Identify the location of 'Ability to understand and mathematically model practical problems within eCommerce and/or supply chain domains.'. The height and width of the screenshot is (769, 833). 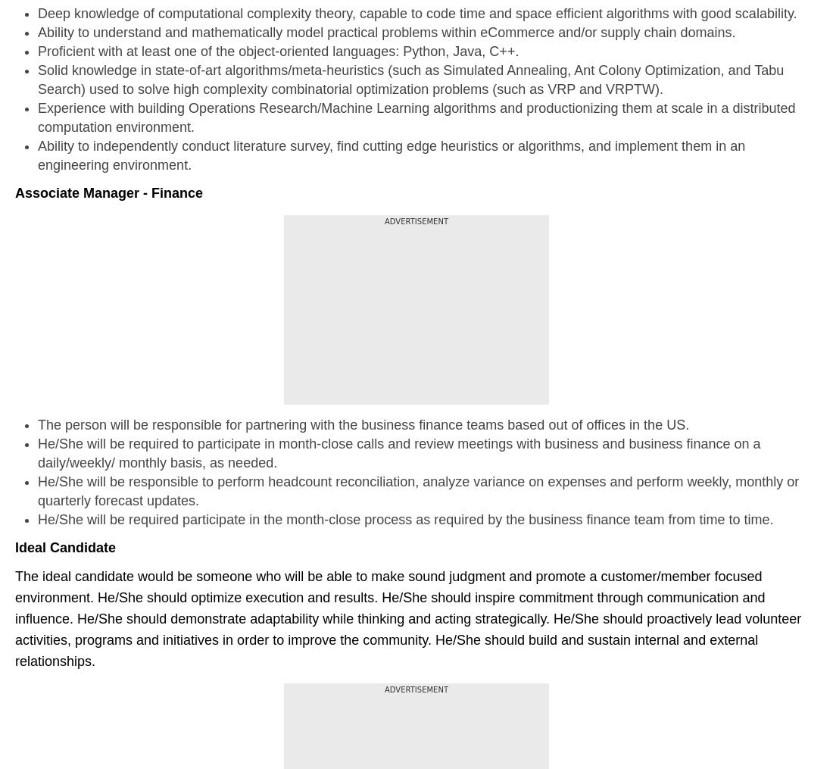
(37, 31).